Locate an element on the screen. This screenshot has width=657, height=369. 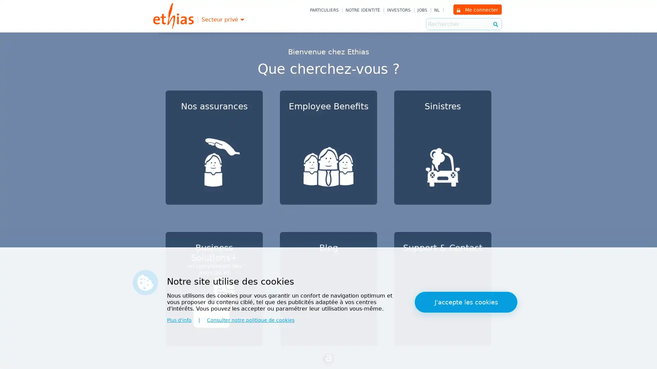
J'accepte les cookies is located at coordinates (466, 301).